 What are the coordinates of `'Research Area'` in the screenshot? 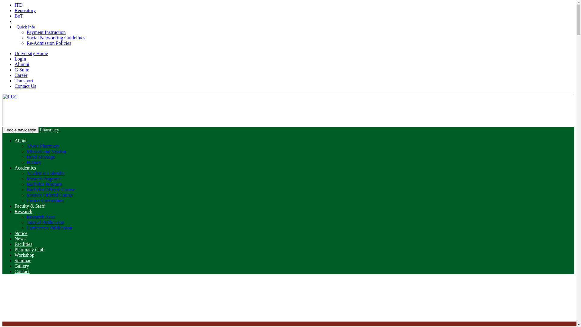 It's located at (40, 216).